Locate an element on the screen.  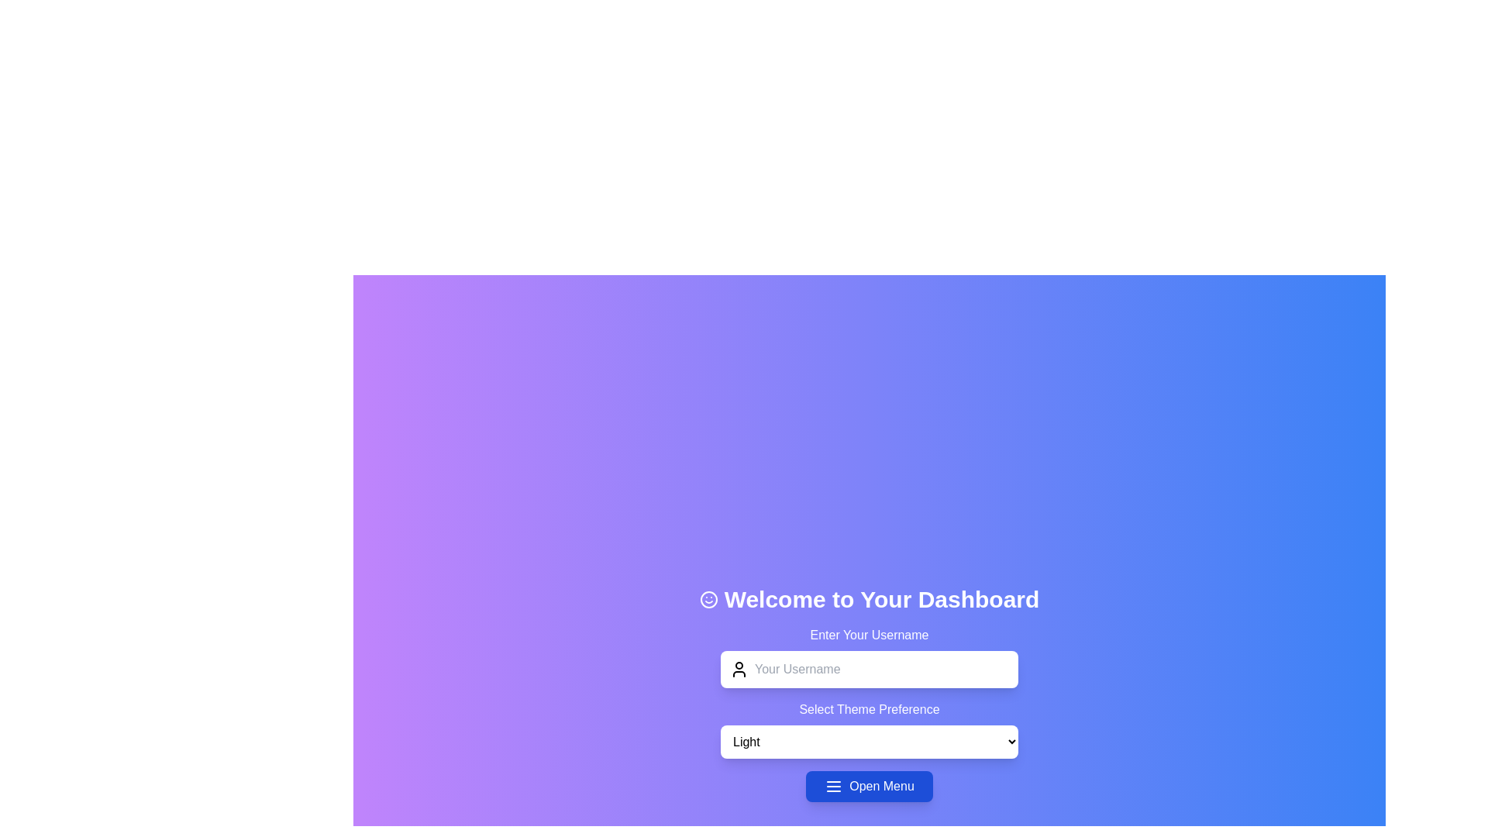
the text input field labeled 'Enter Your Username' is located at coordinates (870, 656).